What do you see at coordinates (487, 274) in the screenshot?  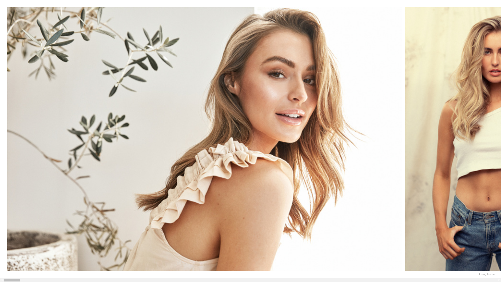 I see `'Using Format'` at bounding box center [487, 274].